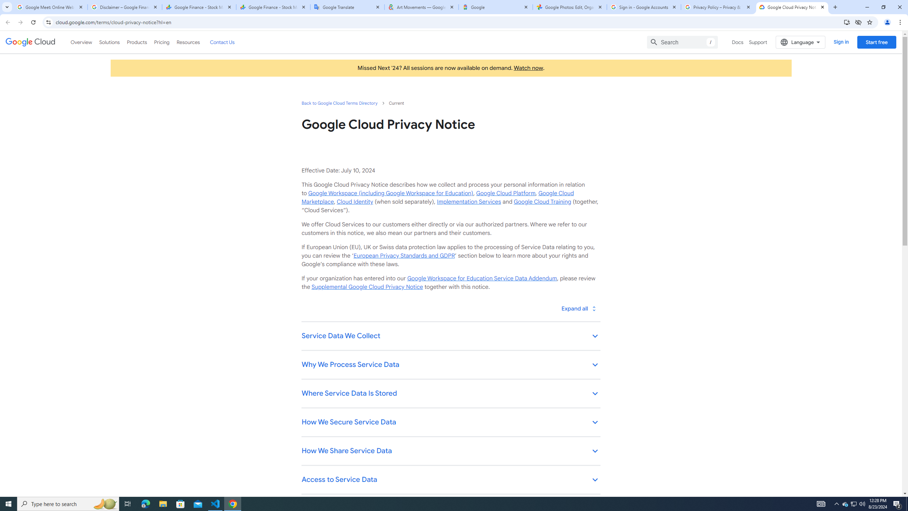 The width and height of the screenshot is (908, 511). Describe the element at coordinates (876, 42) in the screenshot. I see `'Start free'` at that location.